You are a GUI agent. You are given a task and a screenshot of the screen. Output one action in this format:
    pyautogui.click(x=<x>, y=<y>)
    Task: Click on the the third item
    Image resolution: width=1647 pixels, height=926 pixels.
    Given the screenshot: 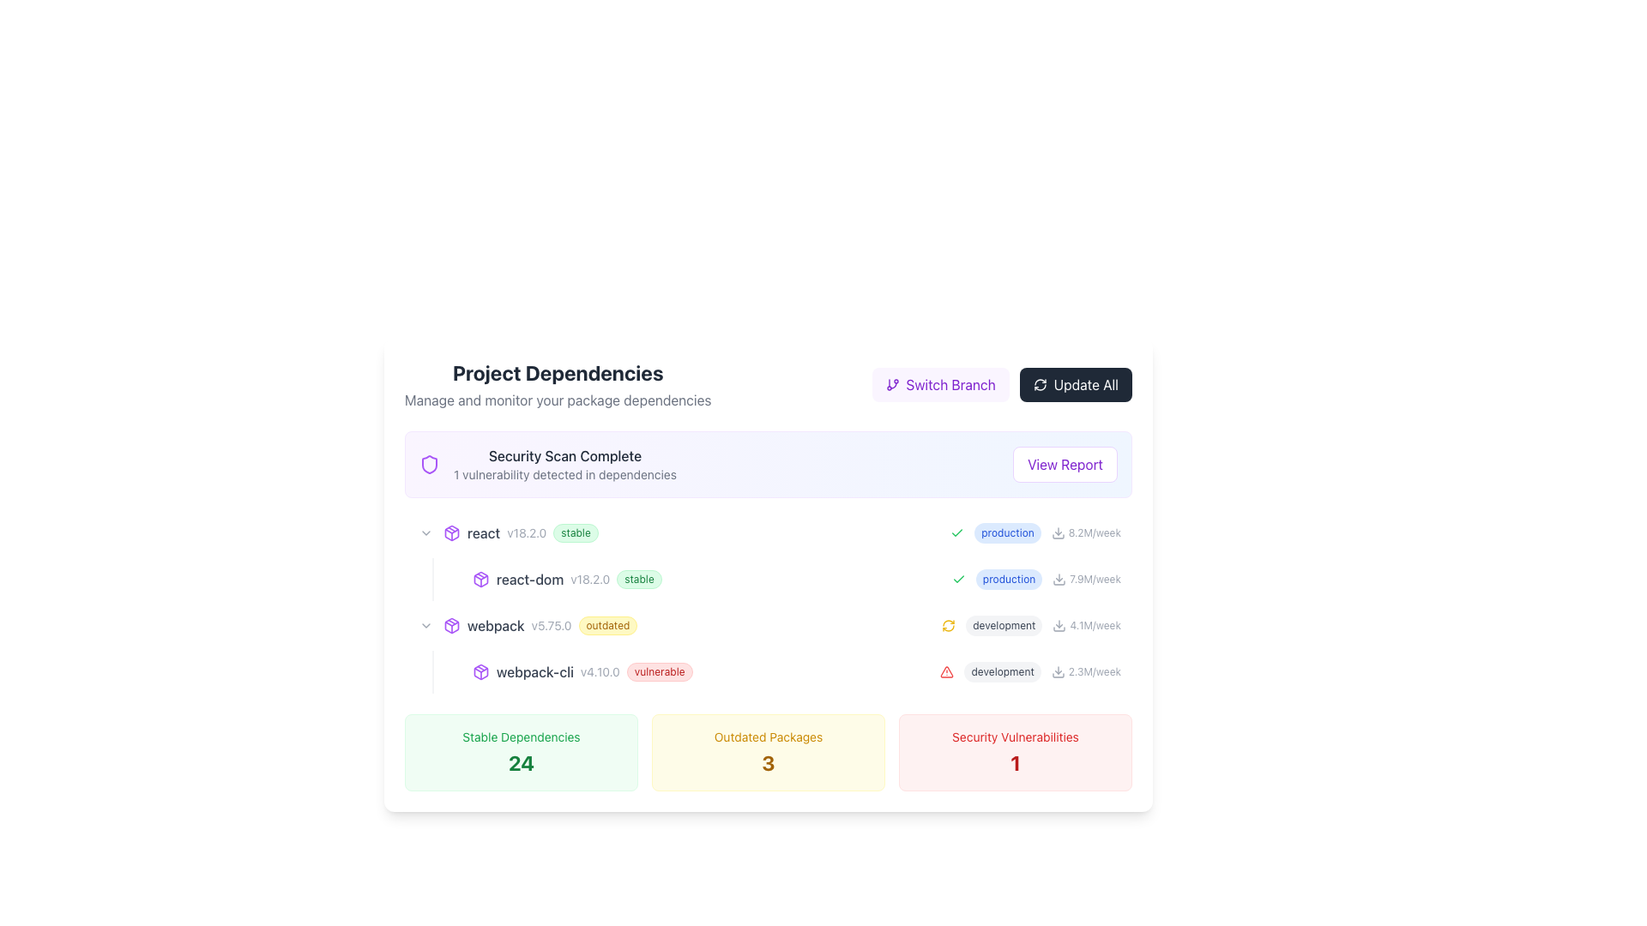 What is the action you would take?
    pyautogui.click(x=768, y=648)
    